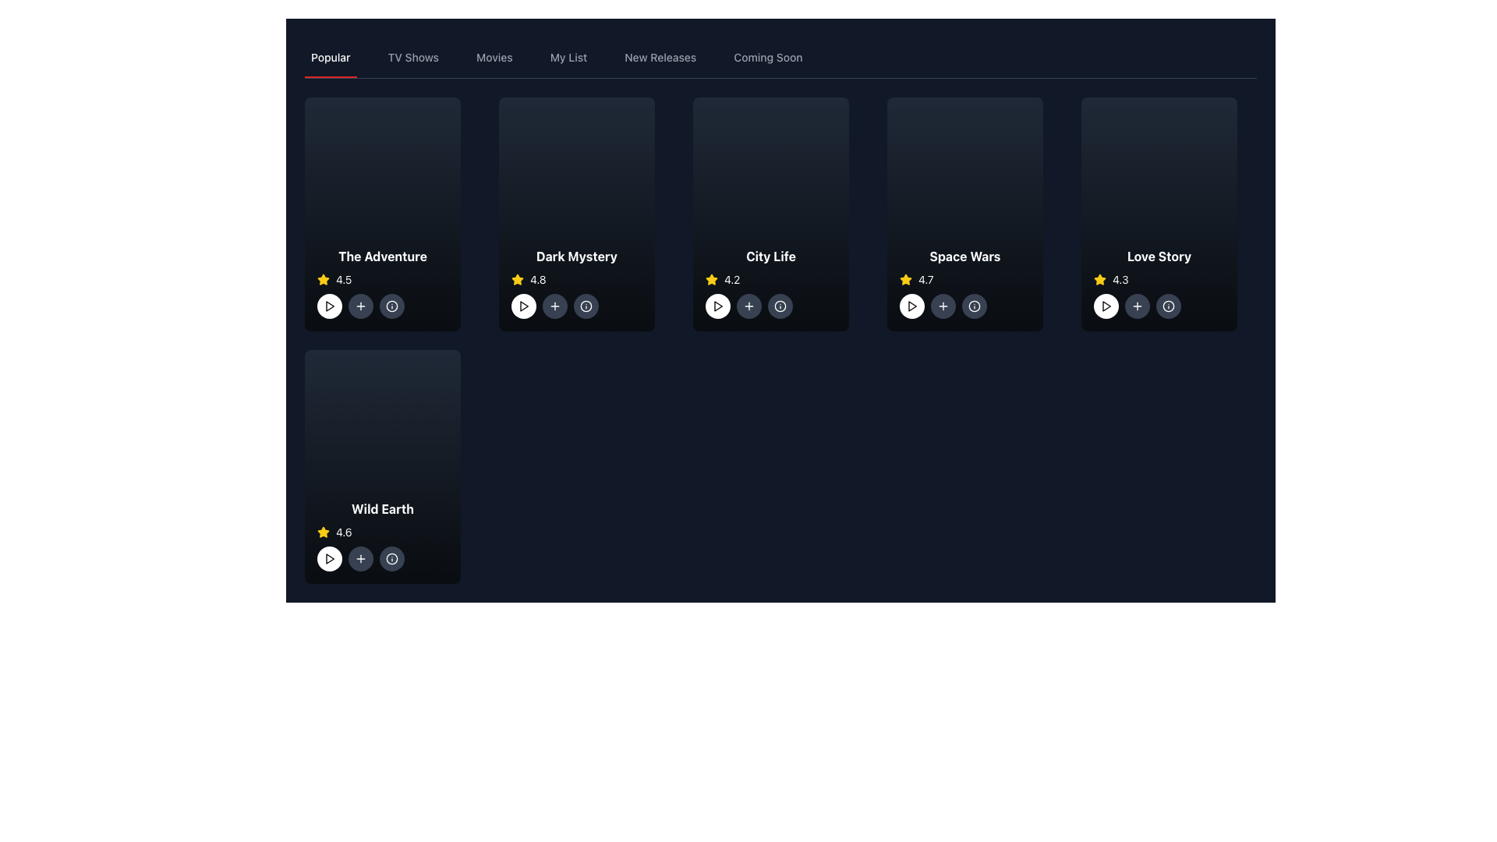 Image resolution: width=1497 pixels, height=842 pixels. What do you see at coordinates (964, 255) in the screenshot?
I see `the 'Space Wars' text label, which is displayed in bold white font against a dark background, located in the lower portion of a card in the third column of the top row` at bounding box center [964, 255].